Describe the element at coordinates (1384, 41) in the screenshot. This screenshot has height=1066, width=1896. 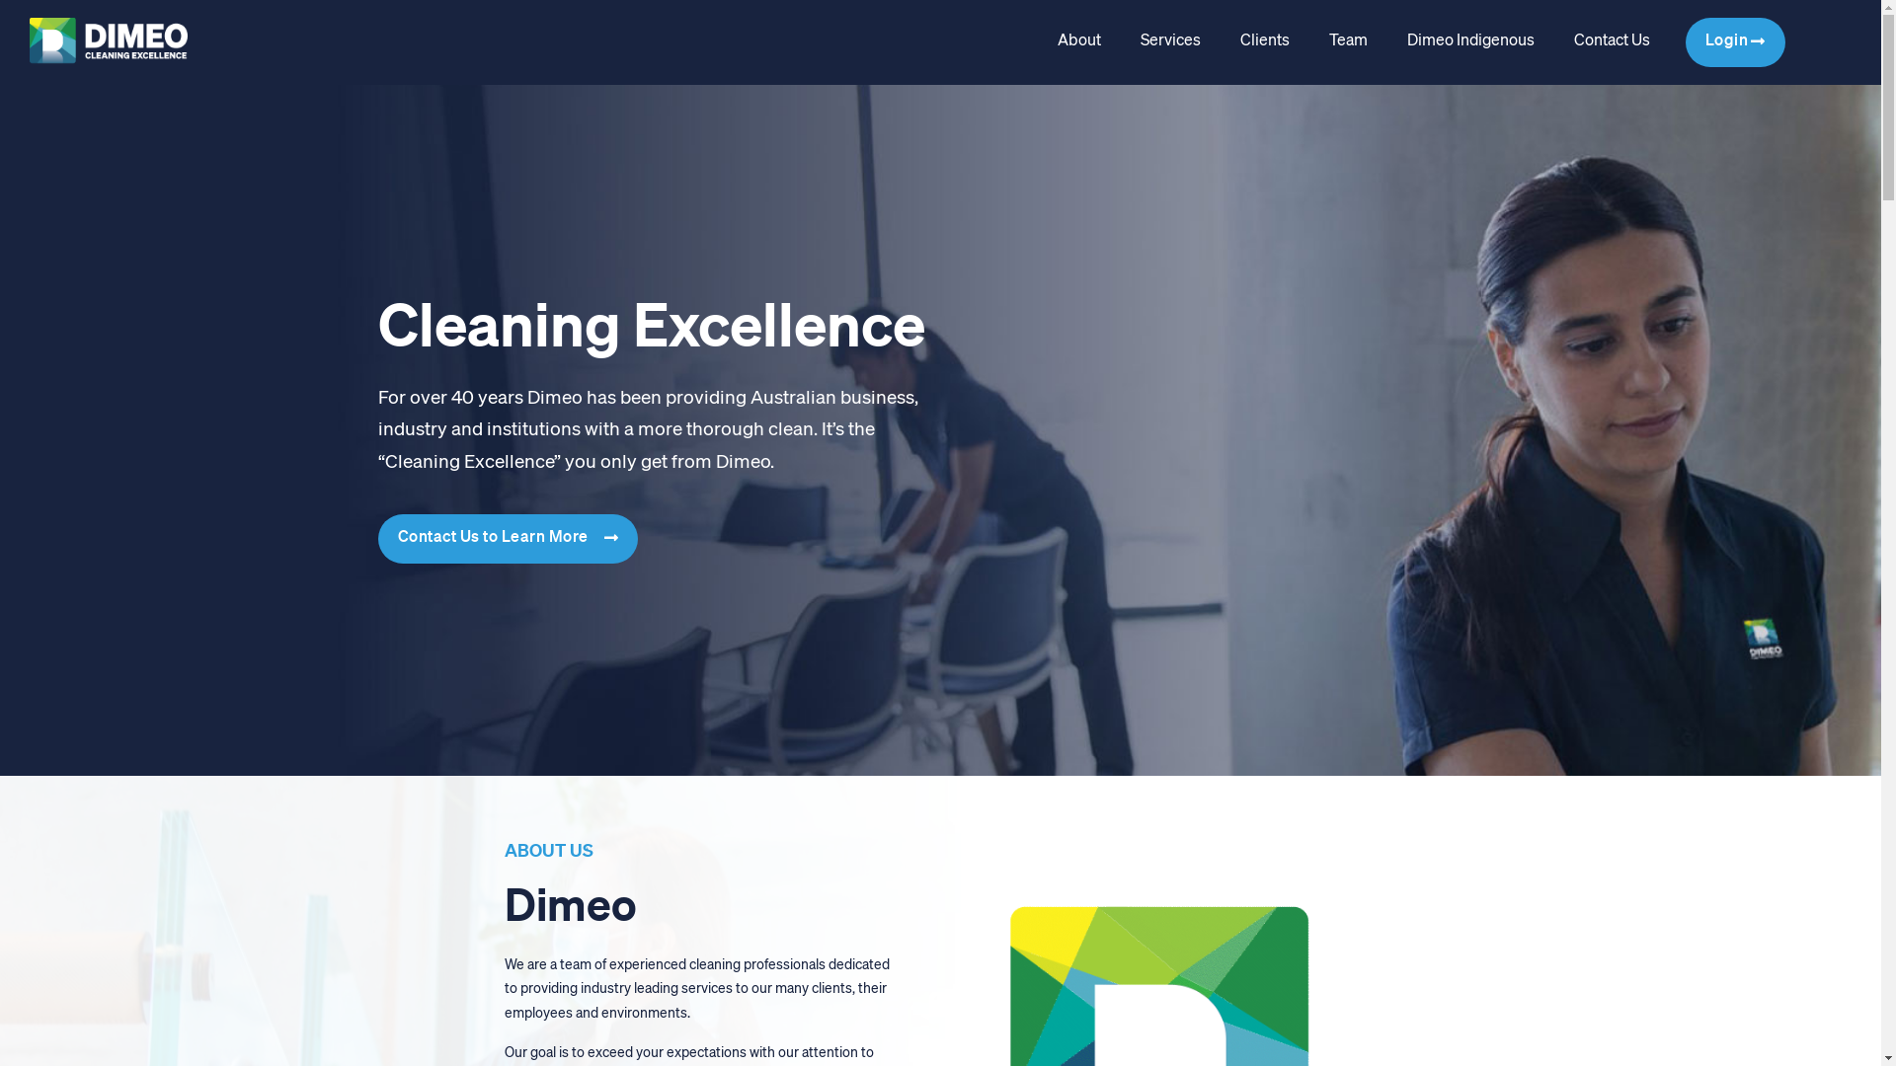
I see `'Dimeo Indigenous'` at that location.